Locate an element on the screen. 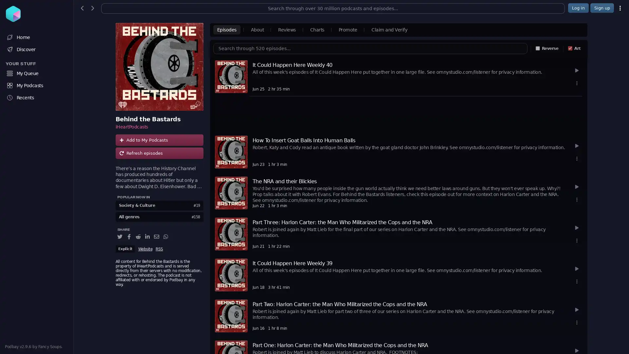 The height and width of the screenshot is (354, 629). Add to My Podcasts is located at coordinates (159, 140).